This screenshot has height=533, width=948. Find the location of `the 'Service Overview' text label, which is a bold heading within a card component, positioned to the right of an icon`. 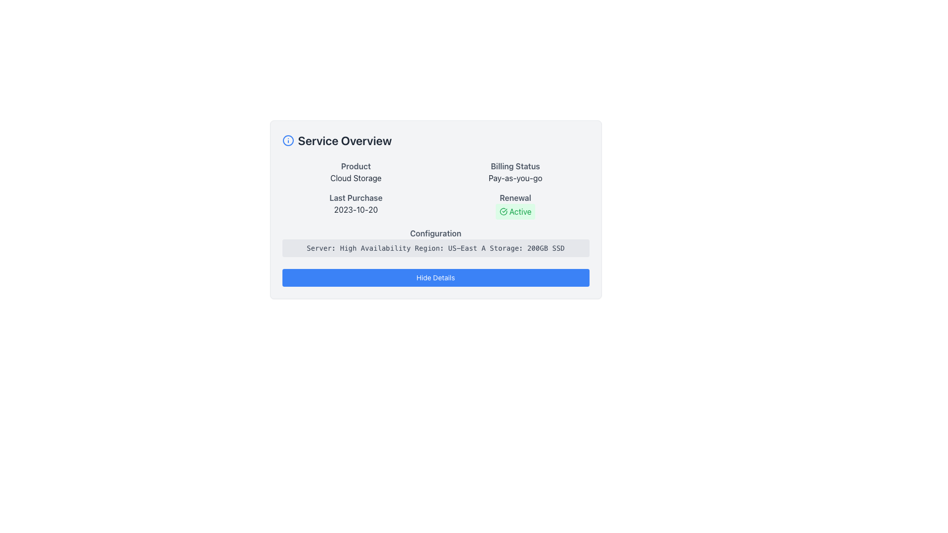

the 'Service Overview' text label, which is a bold heading within a card component, positioned to the right of an icon is located at coordinates (345, 141).